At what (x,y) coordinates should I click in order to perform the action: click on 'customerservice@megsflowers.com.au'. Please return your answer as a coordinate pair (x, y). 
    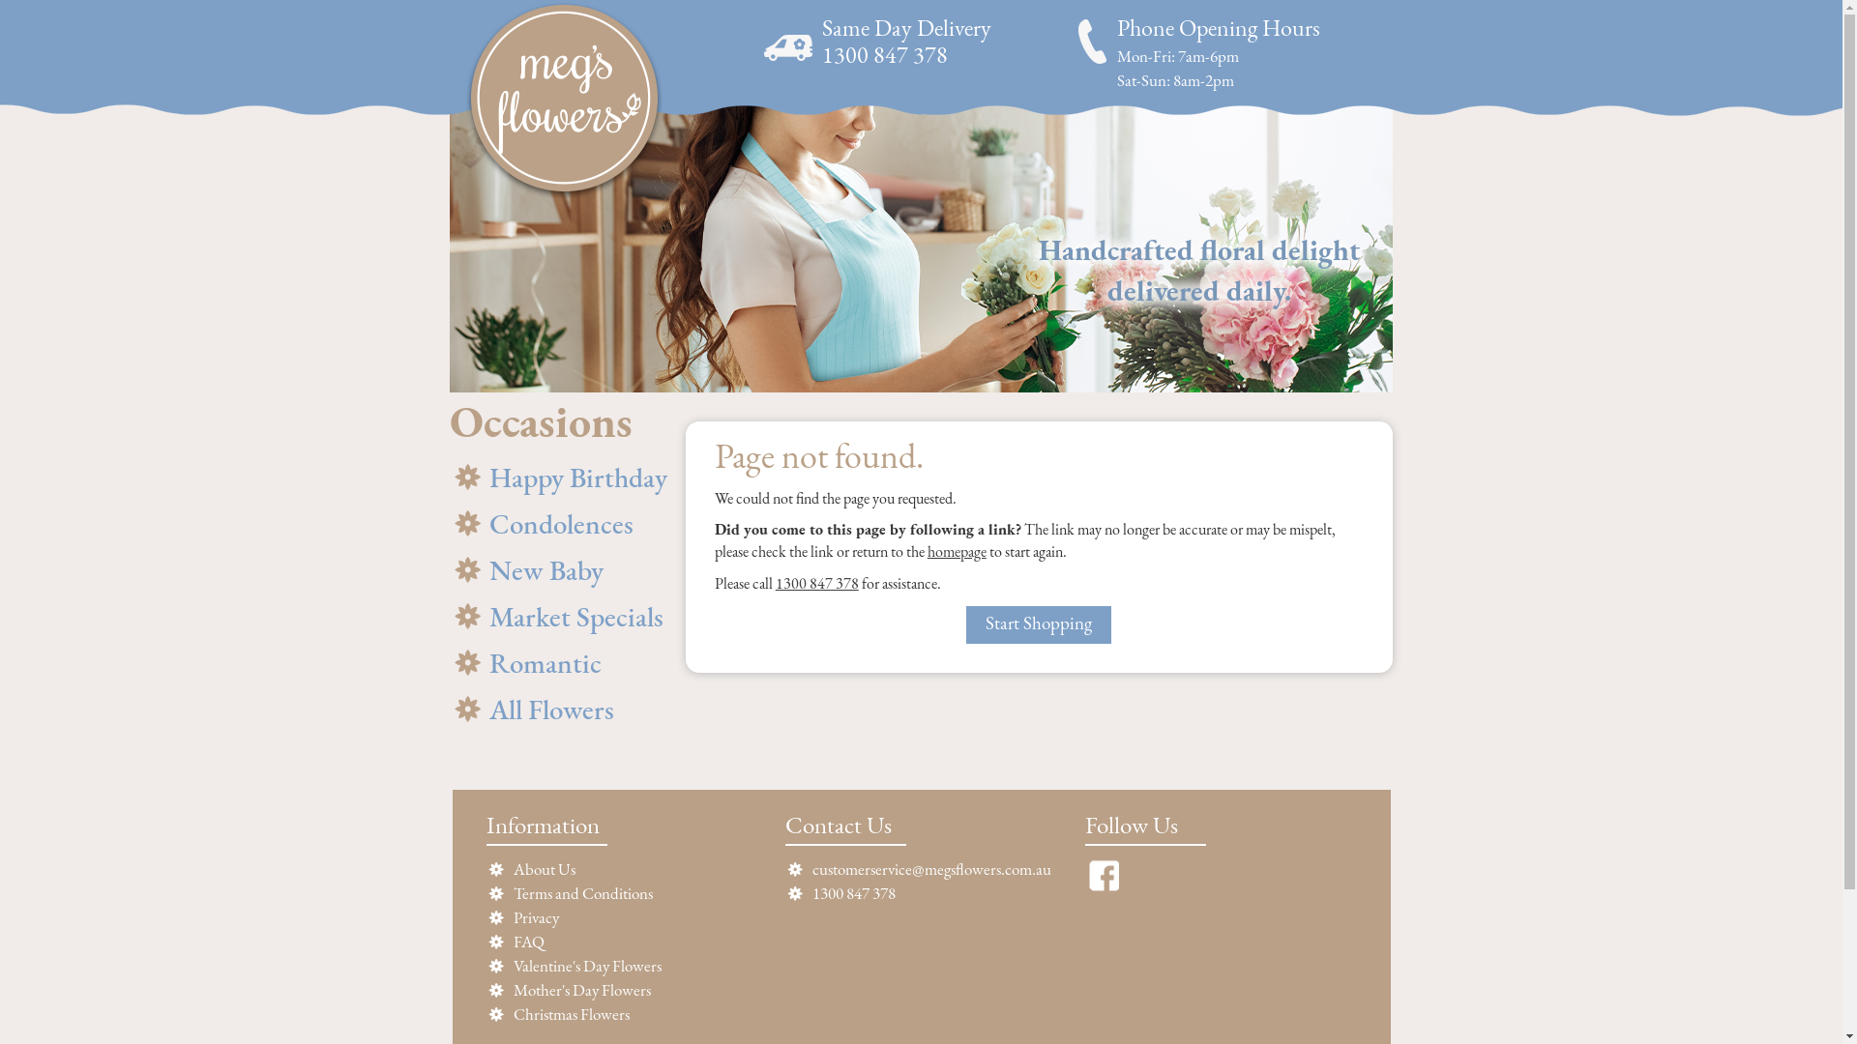
    Looking at the image, I should click on (812, 870).